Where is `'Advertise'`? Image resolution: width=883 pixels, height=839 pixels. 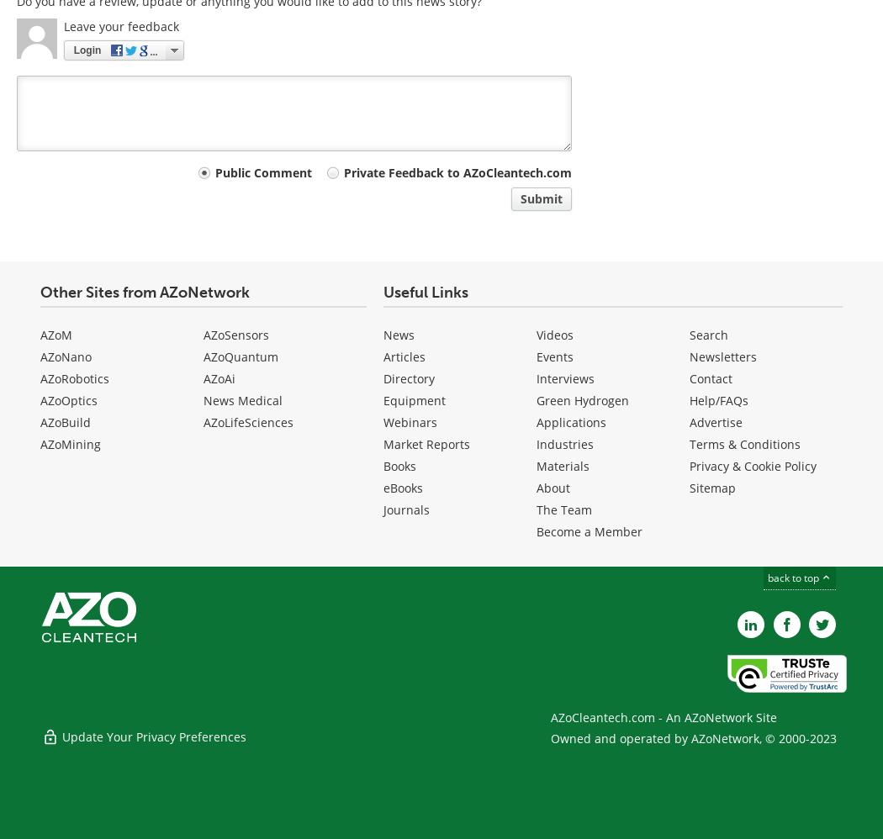
'Advertise' is located at coordinates (715, 422).